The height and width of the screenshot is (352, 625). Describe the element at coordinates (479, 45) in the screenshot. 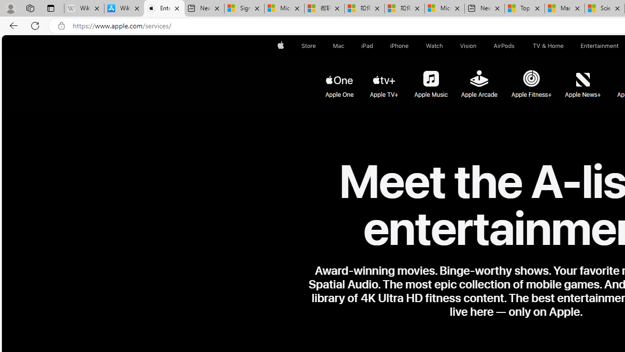

I see `'Vision menu'` at that location.